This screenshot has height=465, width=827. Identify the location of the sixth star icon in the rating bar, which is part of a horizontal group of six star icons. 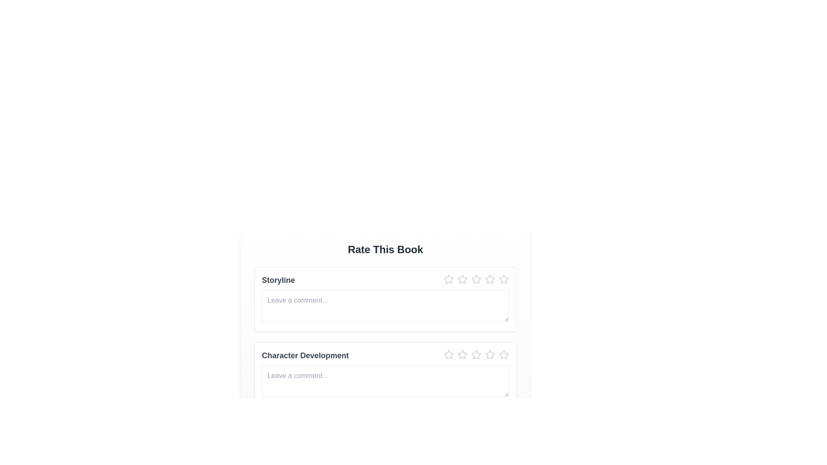
(490, 279).